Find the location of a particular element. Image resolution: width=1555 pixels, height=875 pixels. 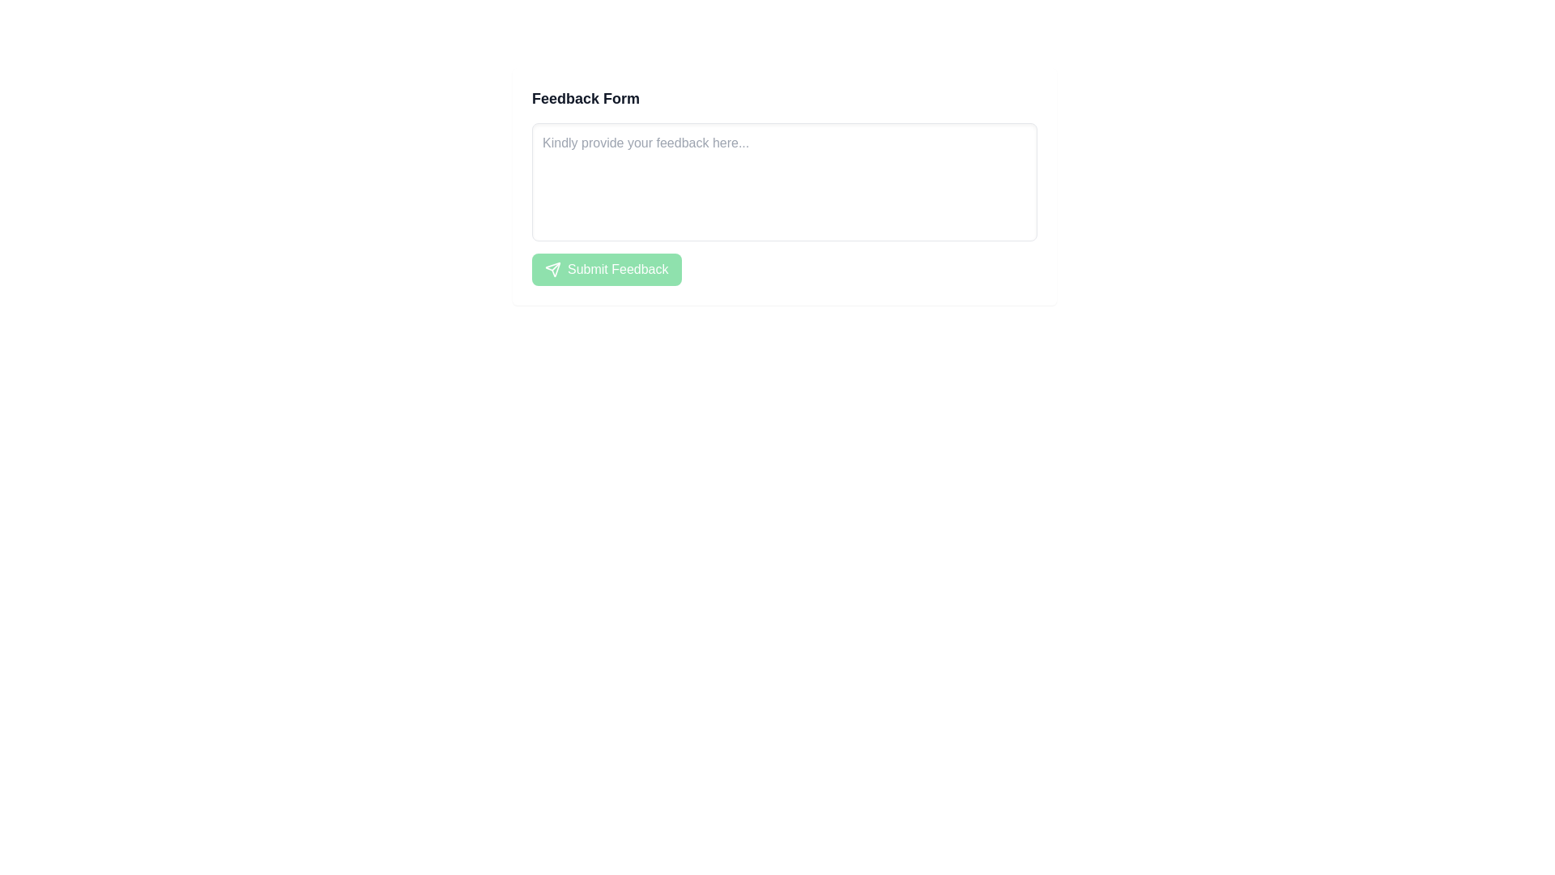

within the text area of the Feedback Form card is located at coordinates (785, 186).